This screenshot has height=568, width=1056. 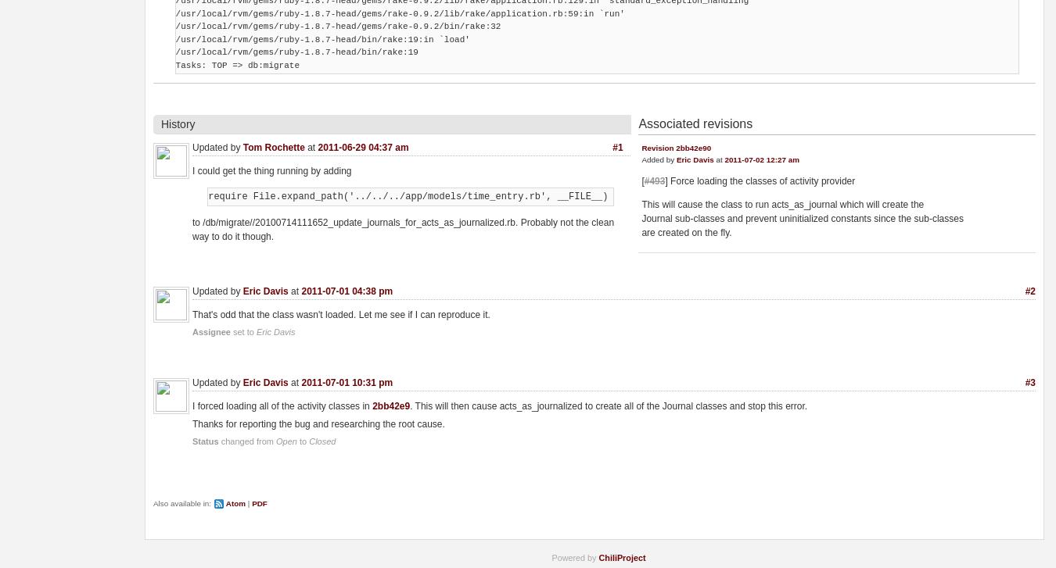 I want to click on '[', so click(x=641, y=180).